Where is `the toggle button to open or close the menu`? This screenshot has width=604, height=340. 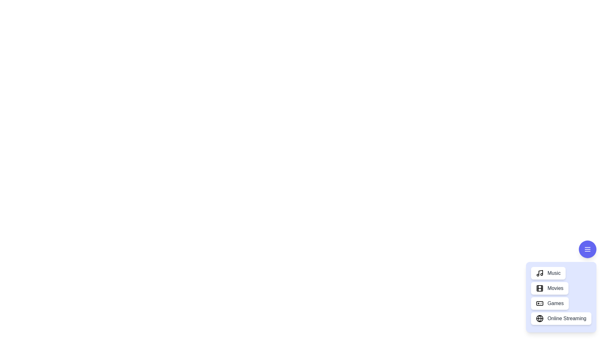
the toggle button to open or close the menu is located at coordinates (587, 249).